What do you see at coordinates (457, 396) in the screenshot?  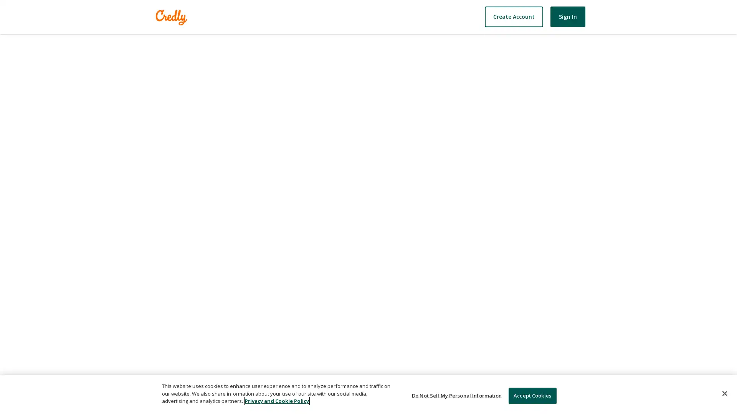 I see `Do Not Sell My Personal Information` at bounding box center [457, 396].